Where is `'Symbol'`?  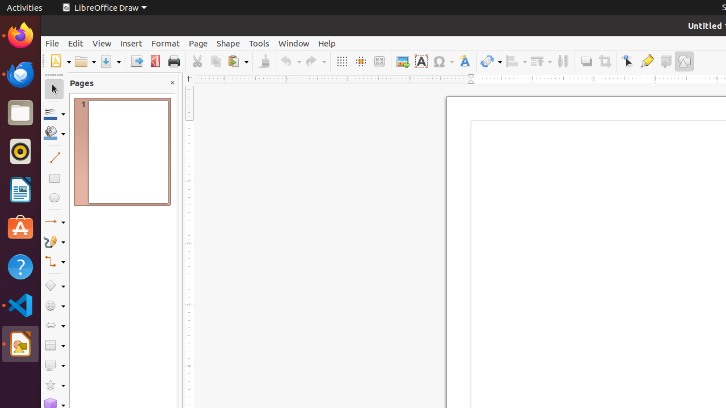
'Symbol' is located at coordinates (442, 61).